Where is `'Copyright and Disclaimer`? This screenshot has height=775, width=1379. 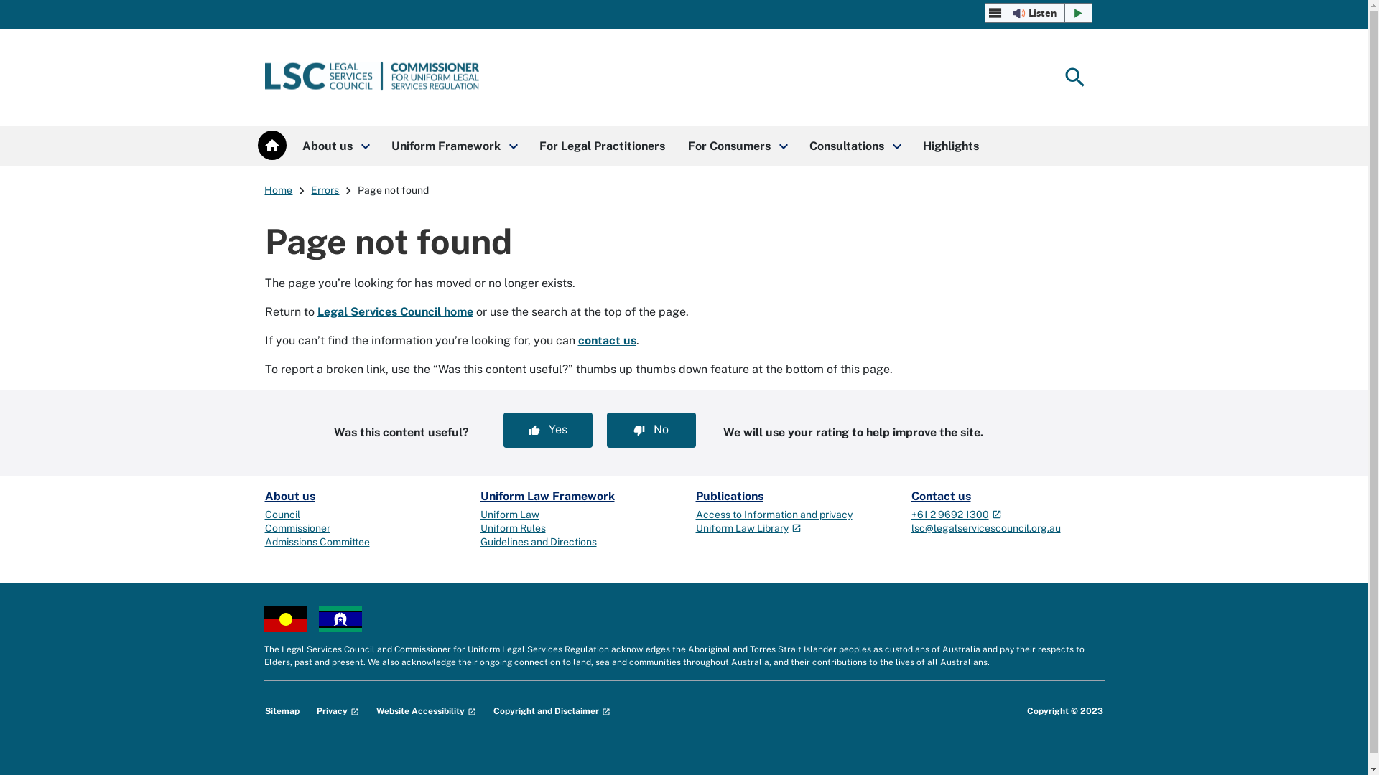 'Copyright and Disclaimer is located at coordinates (550, 711).